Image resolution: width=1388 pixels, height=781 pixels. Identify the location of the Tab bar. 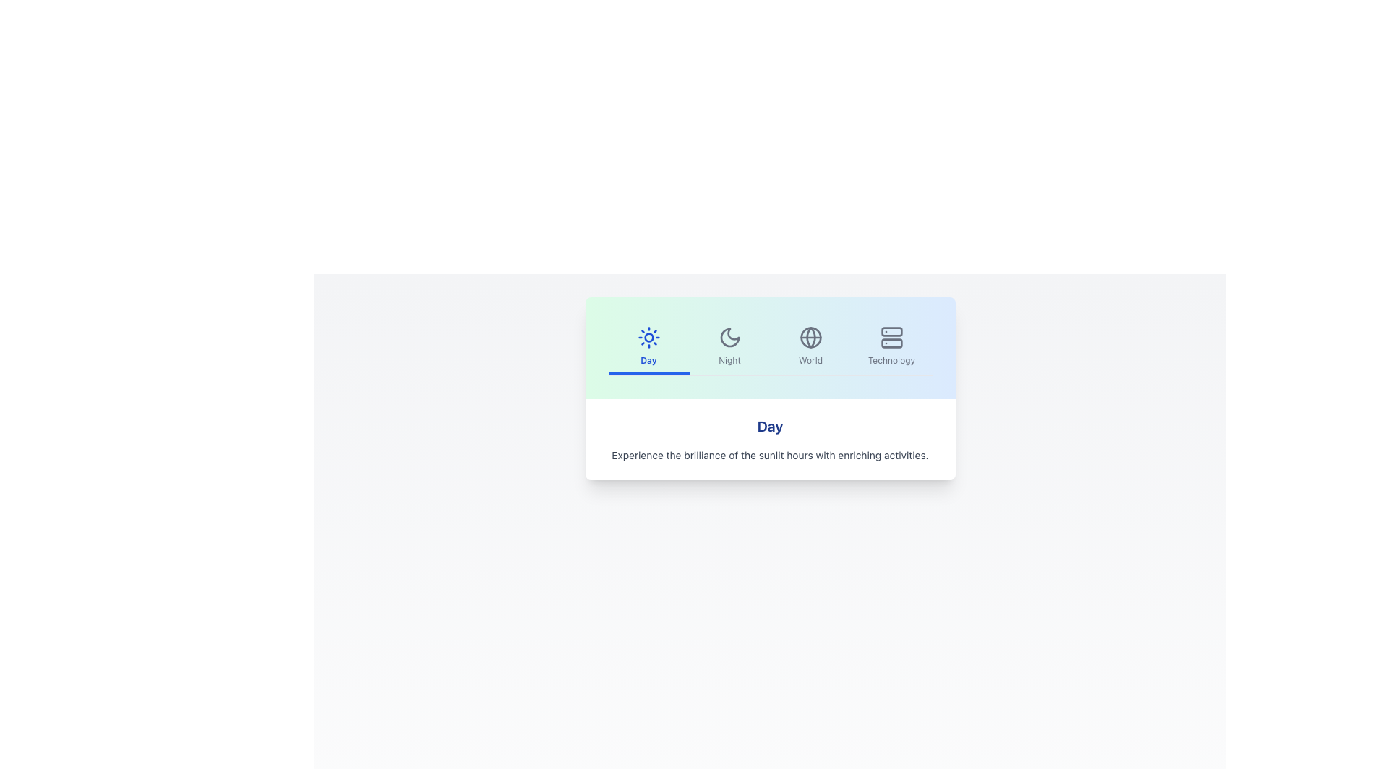
(769, 348).